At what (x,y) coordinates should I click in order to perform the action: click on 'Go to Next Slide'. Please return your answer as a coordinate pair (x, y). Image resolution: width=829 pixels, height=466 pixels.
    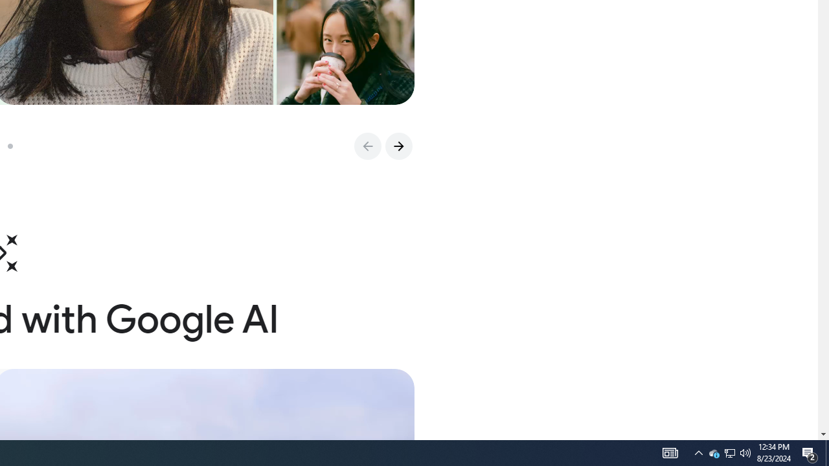
    Looking at the image, I should click on (398, 146).